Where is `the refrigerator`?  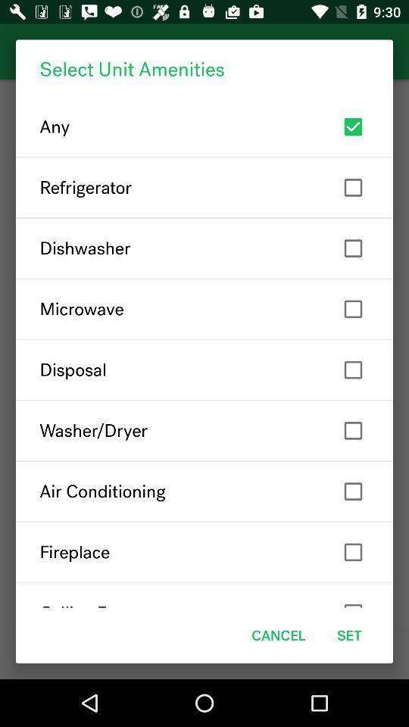
the refrigerator is located at coordinates (204, 186).